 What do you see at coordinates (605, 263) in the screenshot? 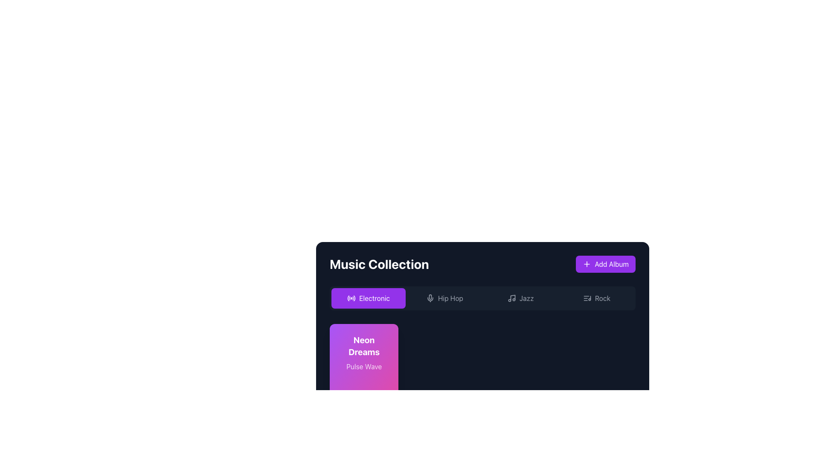
I see `the button located at the top right of the visible card section, adjacent to the text 'Music Collection'` at bounding box center [605, 263].